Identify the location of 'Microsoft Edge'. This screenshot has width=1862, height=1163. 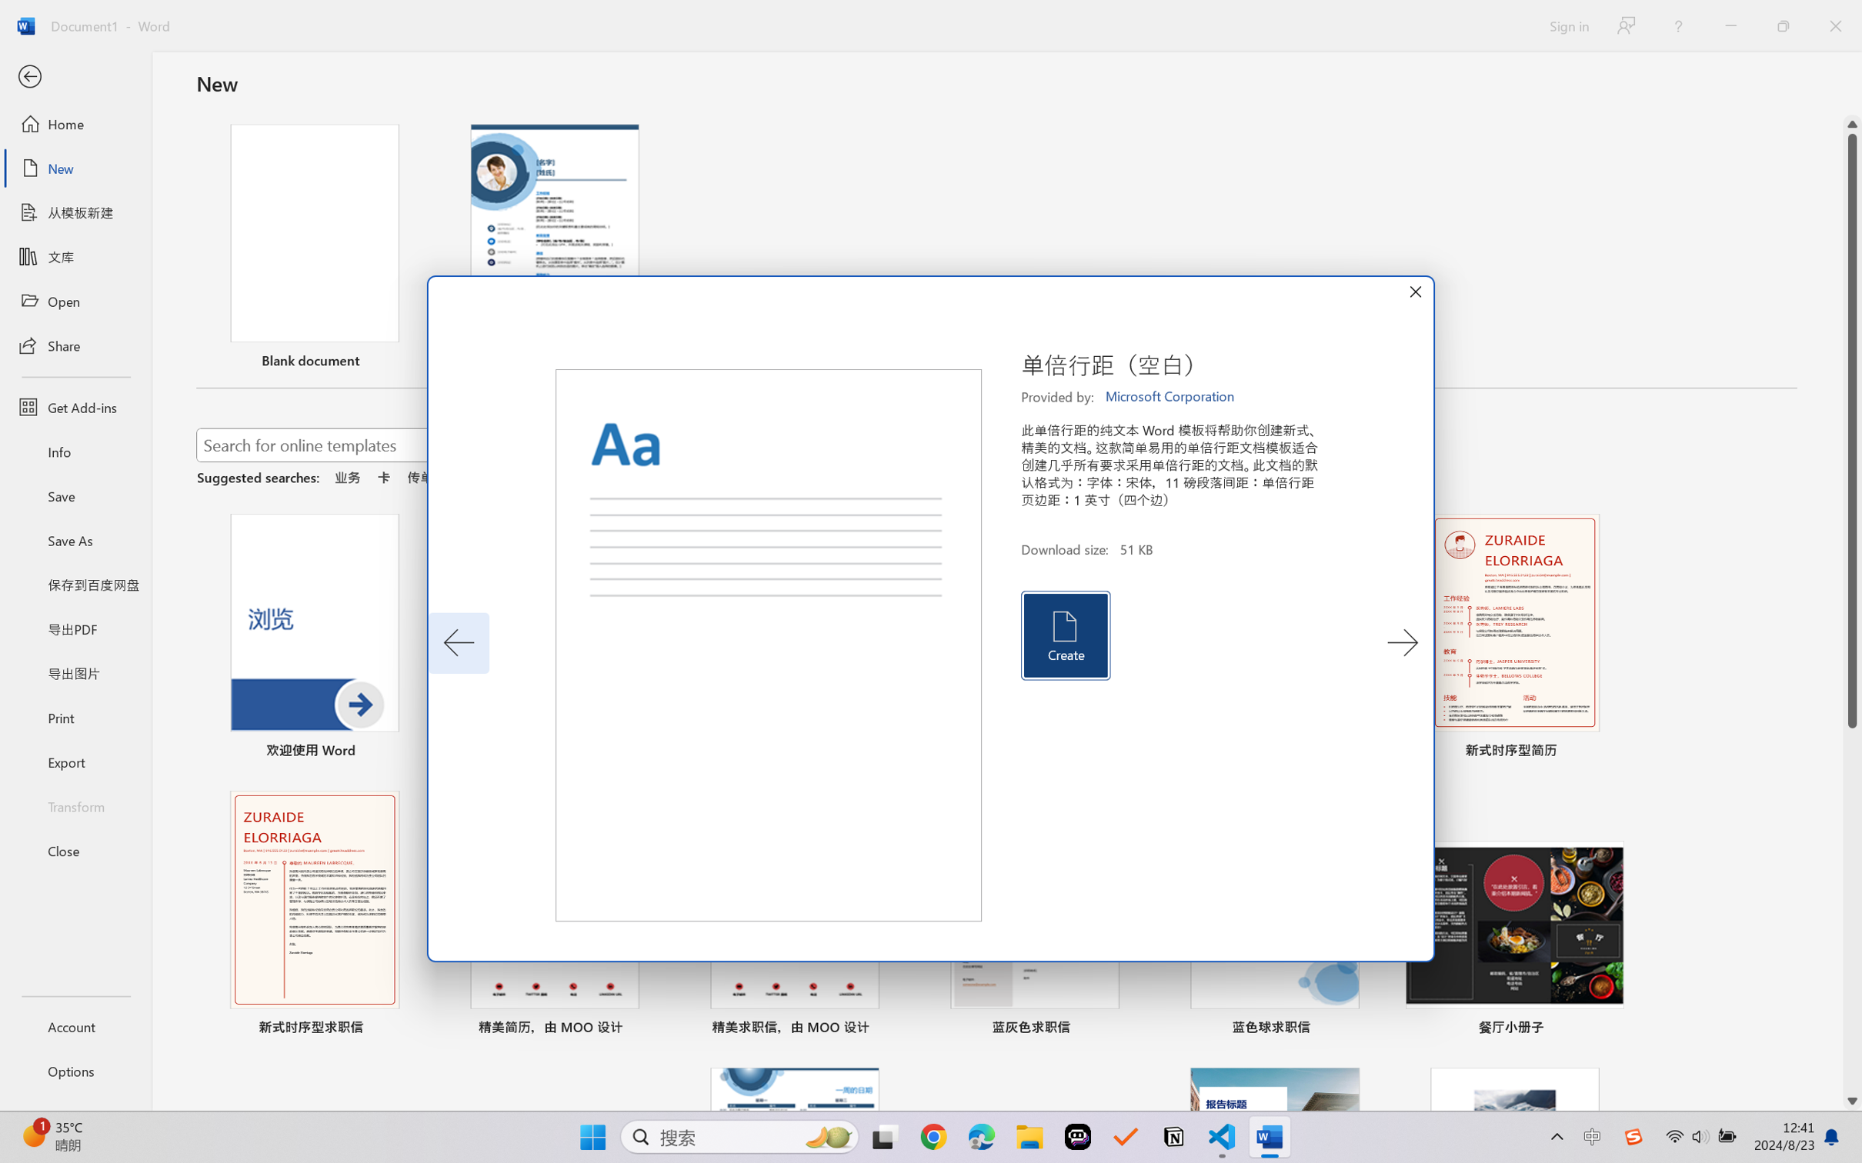
(981, 1137).